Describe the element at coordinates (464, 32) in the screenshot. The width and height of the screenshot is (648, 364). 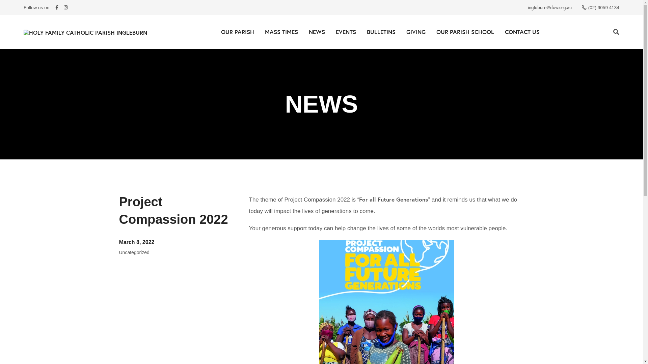
I see `'OUR PARISH SCHOOL'` at that location.